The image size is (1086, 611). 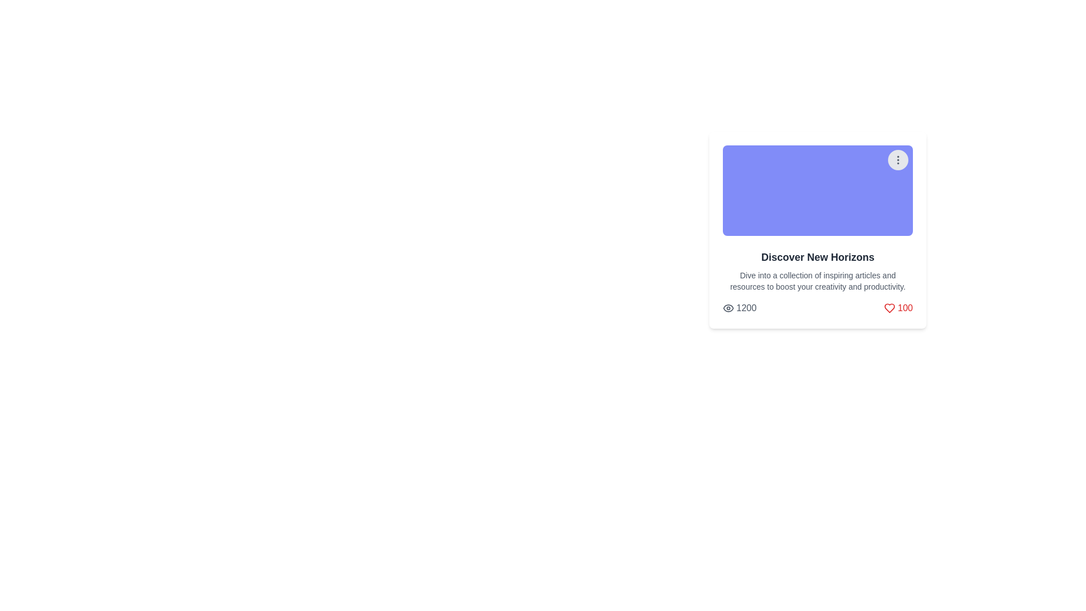 I want to click on the menu button located at the top-right corner of the blue rectangular area, so click(x=898, y=160).